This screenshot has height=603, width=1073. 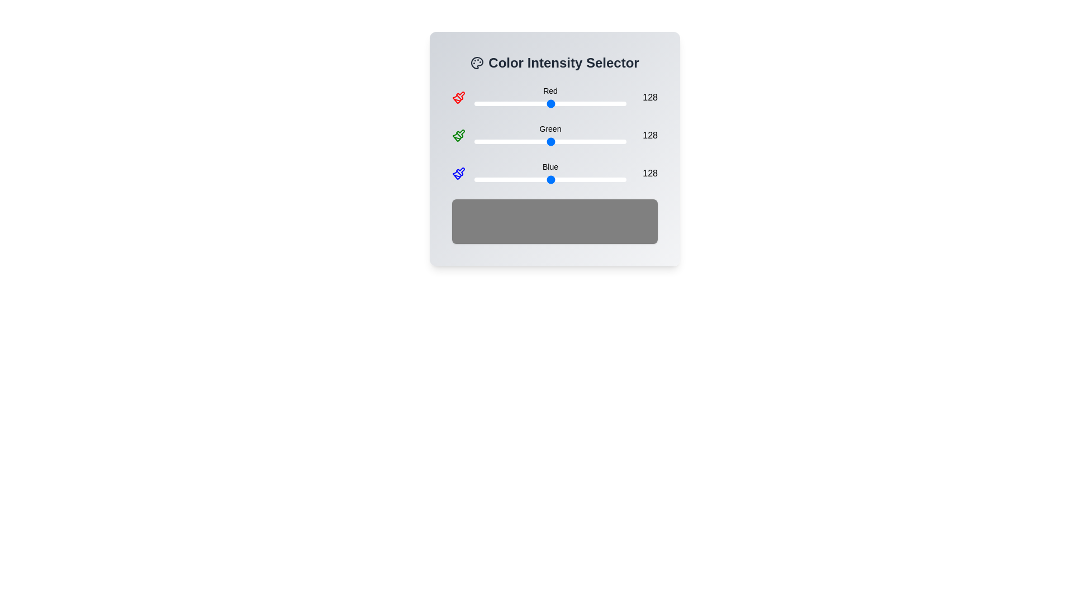 I want to click on the blue color intensity, so click(x=584, y=179).